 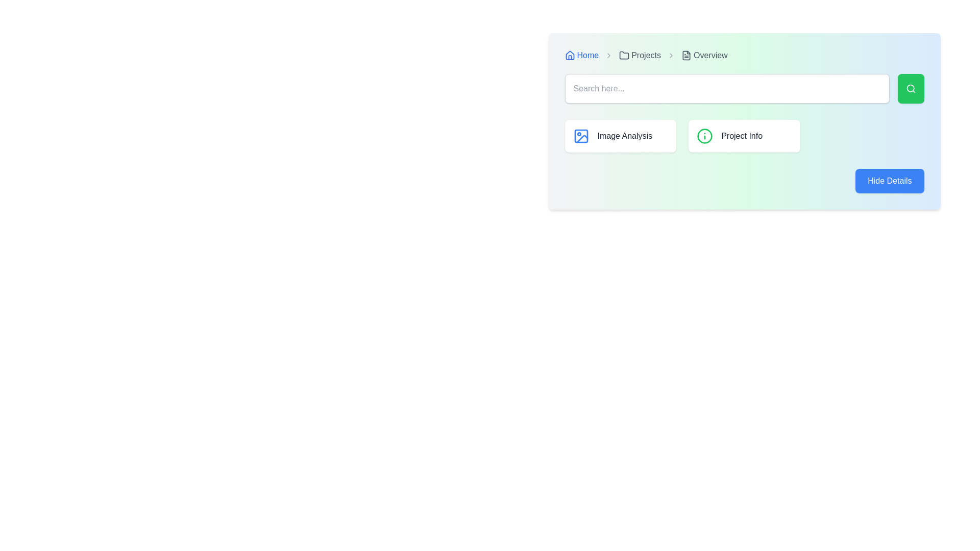 What do you see at coordinates (704, 135) in the screenshot?
I see `the informational icon located to the left of the 'Project Info' text label within the 'Project Info' card` at bounding box center [704, 135].